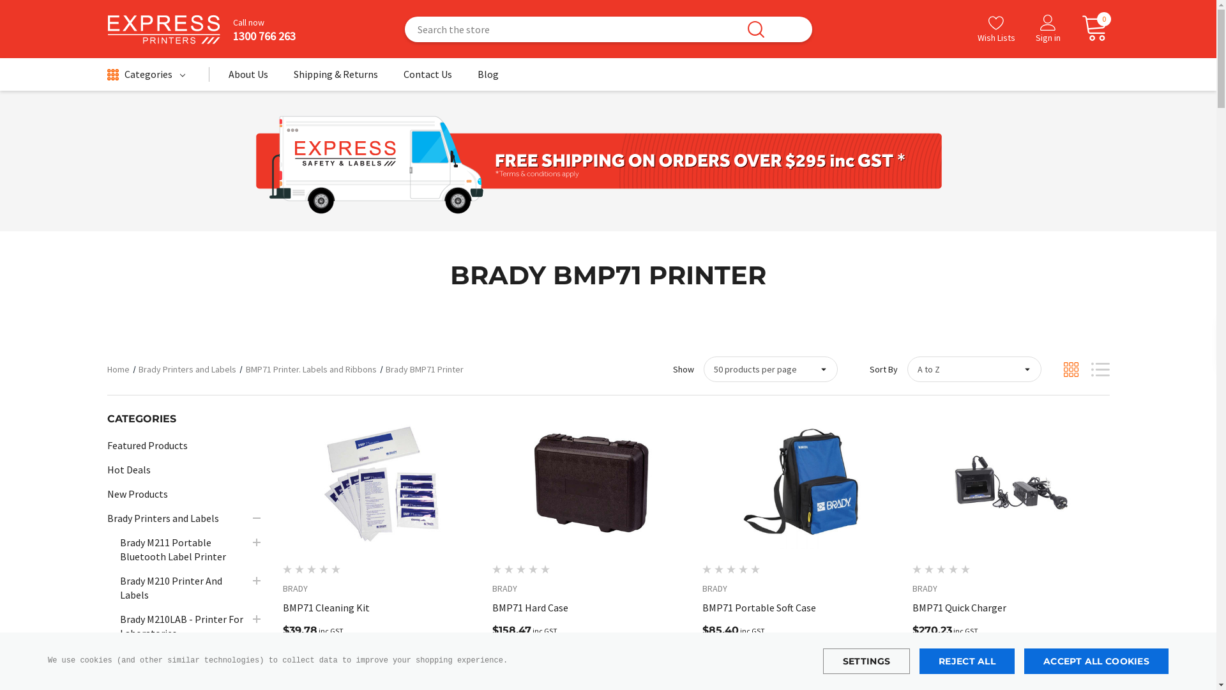 Image resolution: width=1226 pixels, height=690 pixels. I want to click on 'New Products', so click(107, 493).